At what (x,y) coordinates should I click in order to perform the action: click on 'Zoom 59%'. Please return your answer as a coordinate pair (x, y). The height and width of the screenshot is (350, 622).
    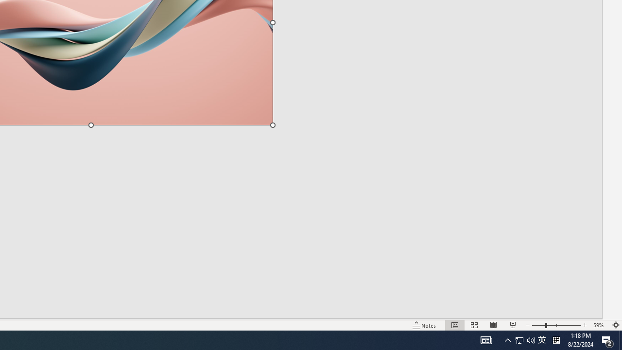
    Looking at the image, I should click on (599, 325).